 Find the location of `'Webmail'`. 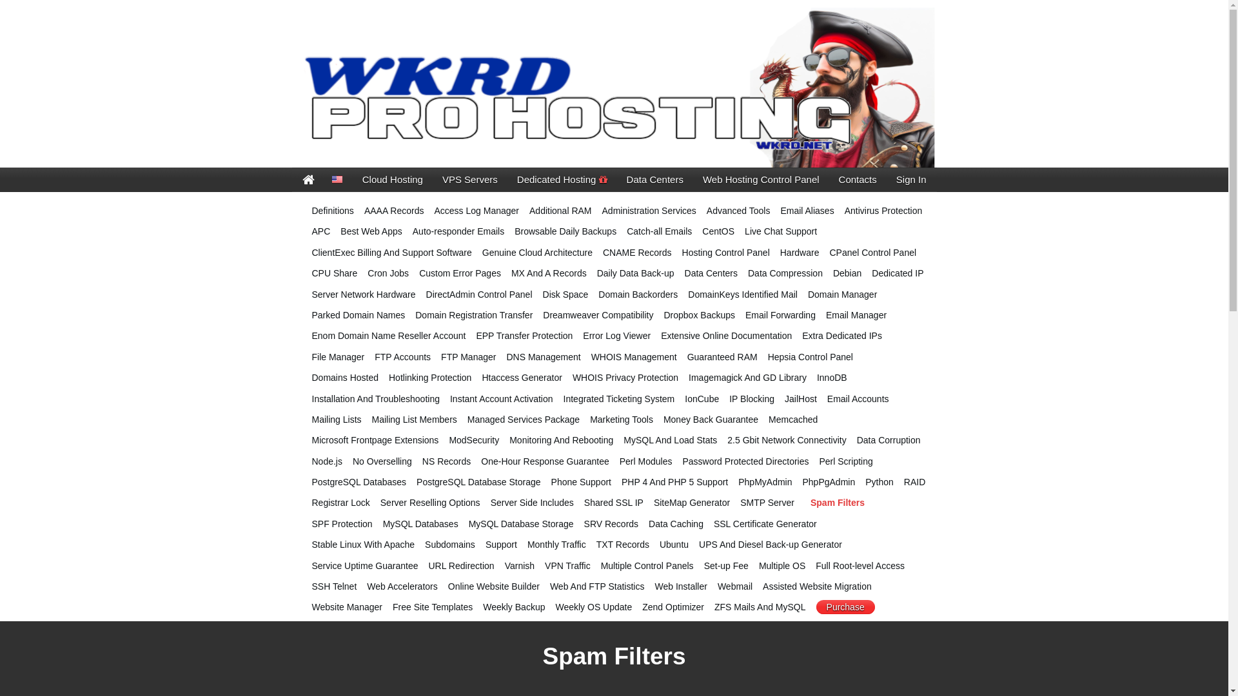

'Webmail' is located at coordinates (735, 586).